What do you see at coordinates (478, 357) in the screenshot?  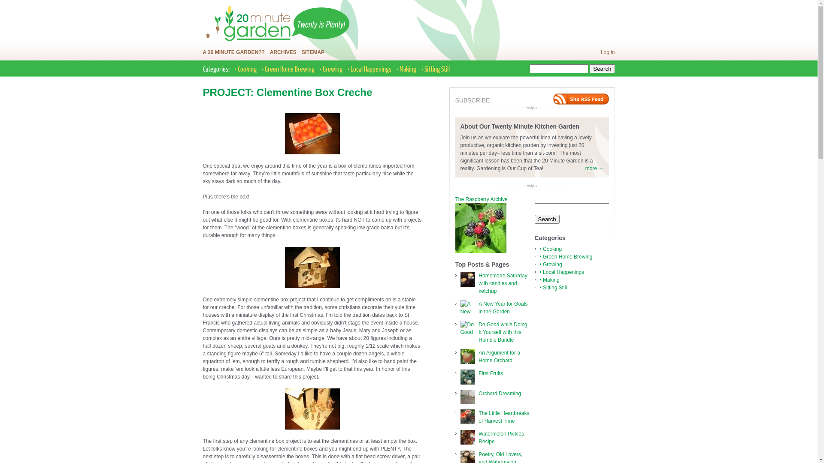 I see `'An Argument for a Home Orchard'` at bounding box center [478, 357].